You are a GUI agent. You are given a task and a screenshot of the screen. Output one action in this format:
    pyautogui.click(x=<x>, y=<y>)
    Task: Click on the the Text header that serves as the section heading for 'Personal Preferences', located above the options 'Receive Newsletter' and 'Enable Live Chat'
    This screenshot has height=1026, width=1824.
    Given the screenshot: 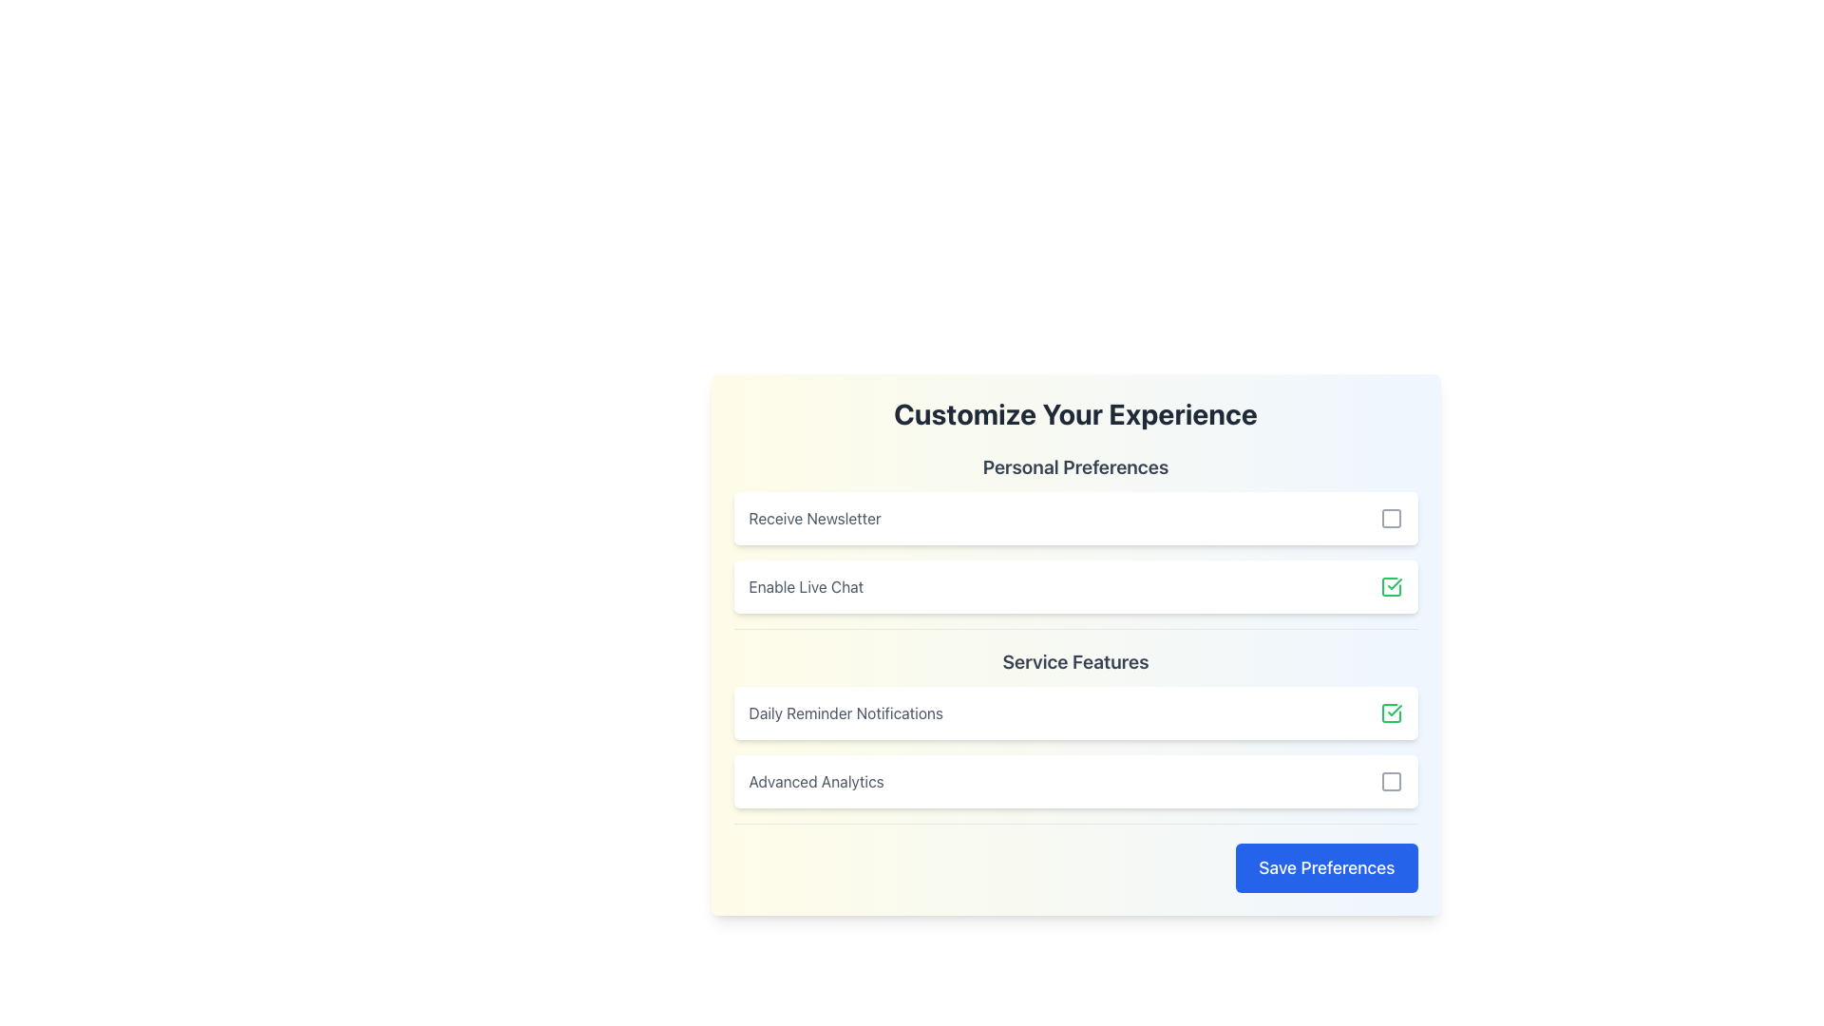 What is the action you would take?
    pyautogui.click(x=1075, y=467)
    